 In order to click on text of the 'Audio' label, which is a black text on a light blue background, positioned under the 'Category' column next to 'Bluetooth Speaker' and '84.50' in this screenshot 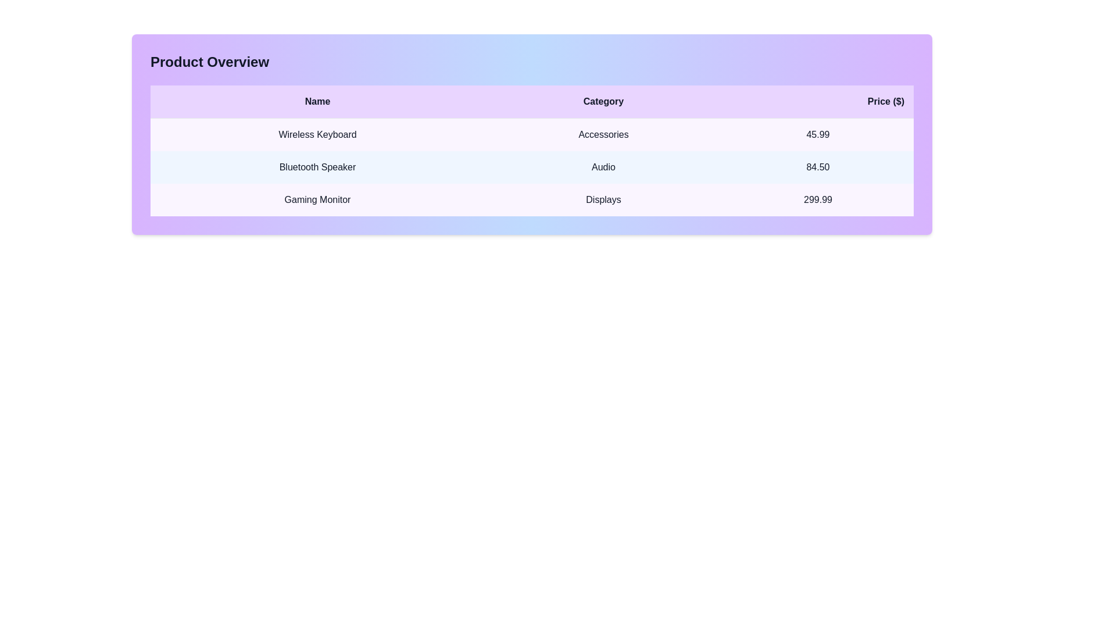, I will do `click(603, 167)`.